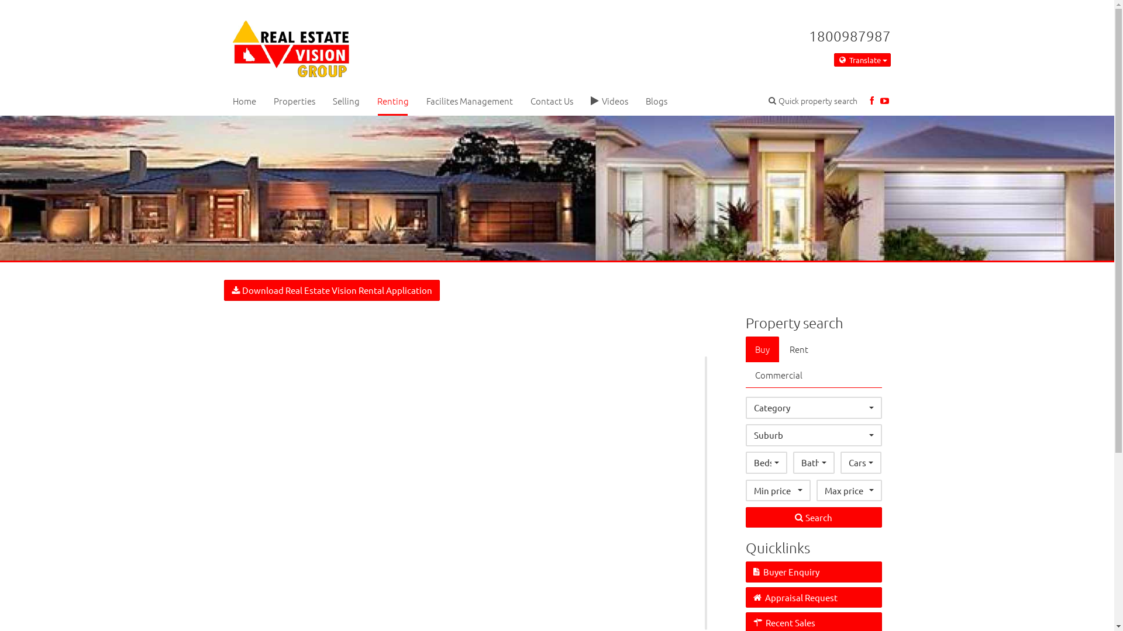 This screenshot has height=631, width=1123. Describe the element at coordinates (294, 100) in the screenshot. I see `'Properties'` at that location.